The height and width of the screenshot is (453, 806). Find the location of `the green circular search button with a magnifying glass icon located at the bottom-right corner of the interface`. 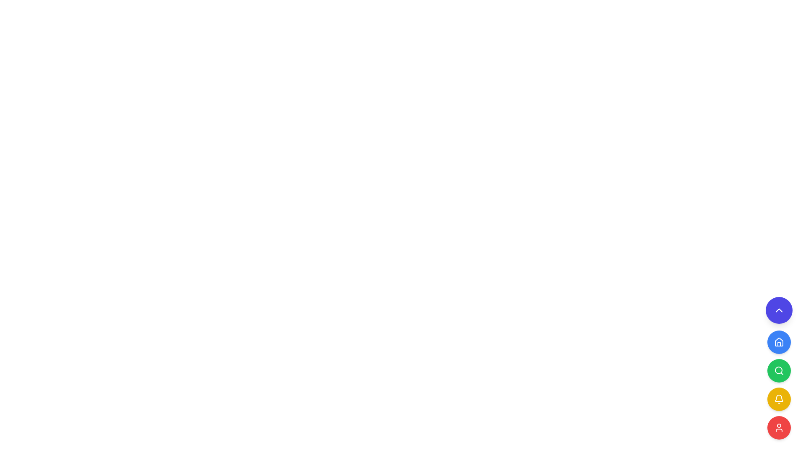

the green circular search button with a magnifying glass icon located at the bottom-right corner of the interface is located at coordinates (779, 368).